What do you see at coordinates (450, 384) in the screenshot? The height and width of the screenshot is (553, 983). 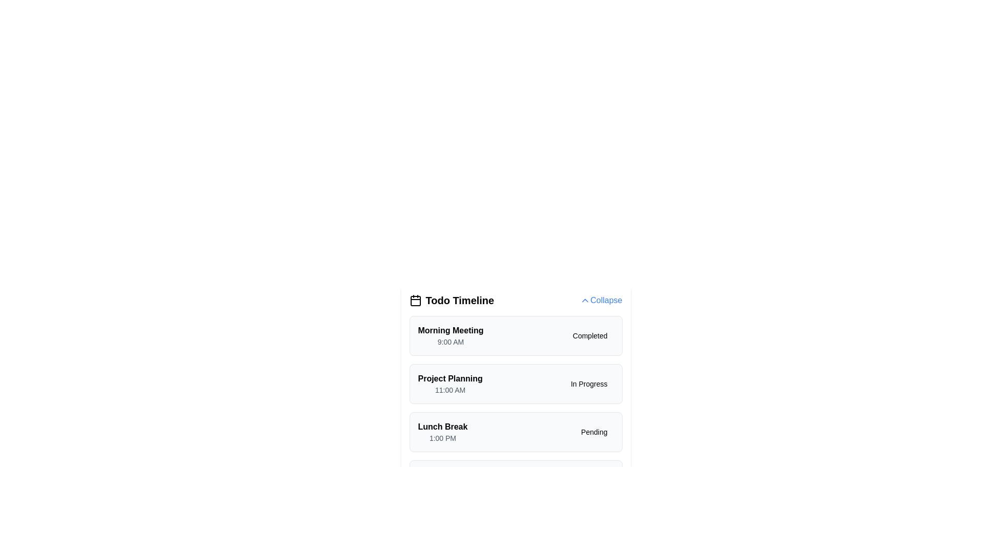 I see `the task title and subtitle displayed in the second card of the todo timeline` at bounding box center [450, 384].